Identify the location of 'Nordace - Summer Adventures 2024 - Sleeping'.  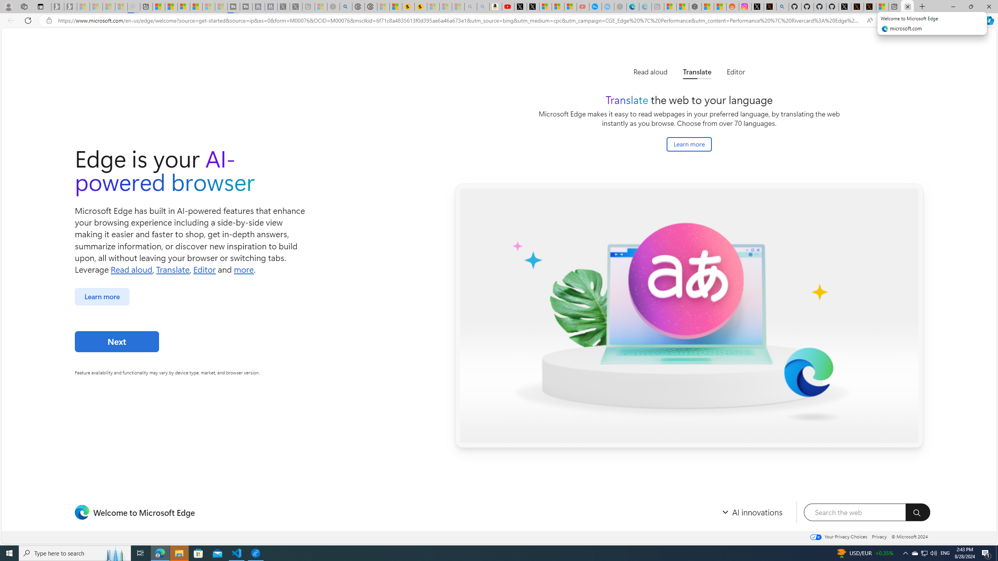
(334, 6).